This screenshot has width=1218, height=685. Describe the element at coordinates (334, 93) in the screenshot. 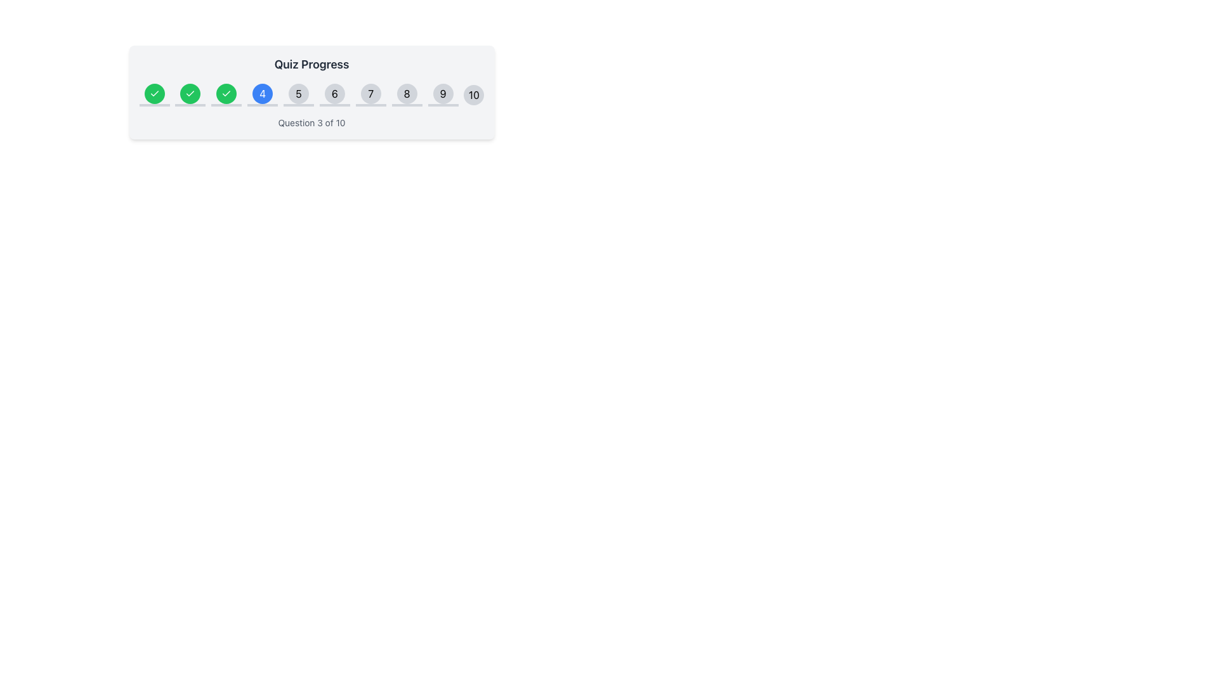

I see `the sixth button in the step-based progress tracker` at that location.